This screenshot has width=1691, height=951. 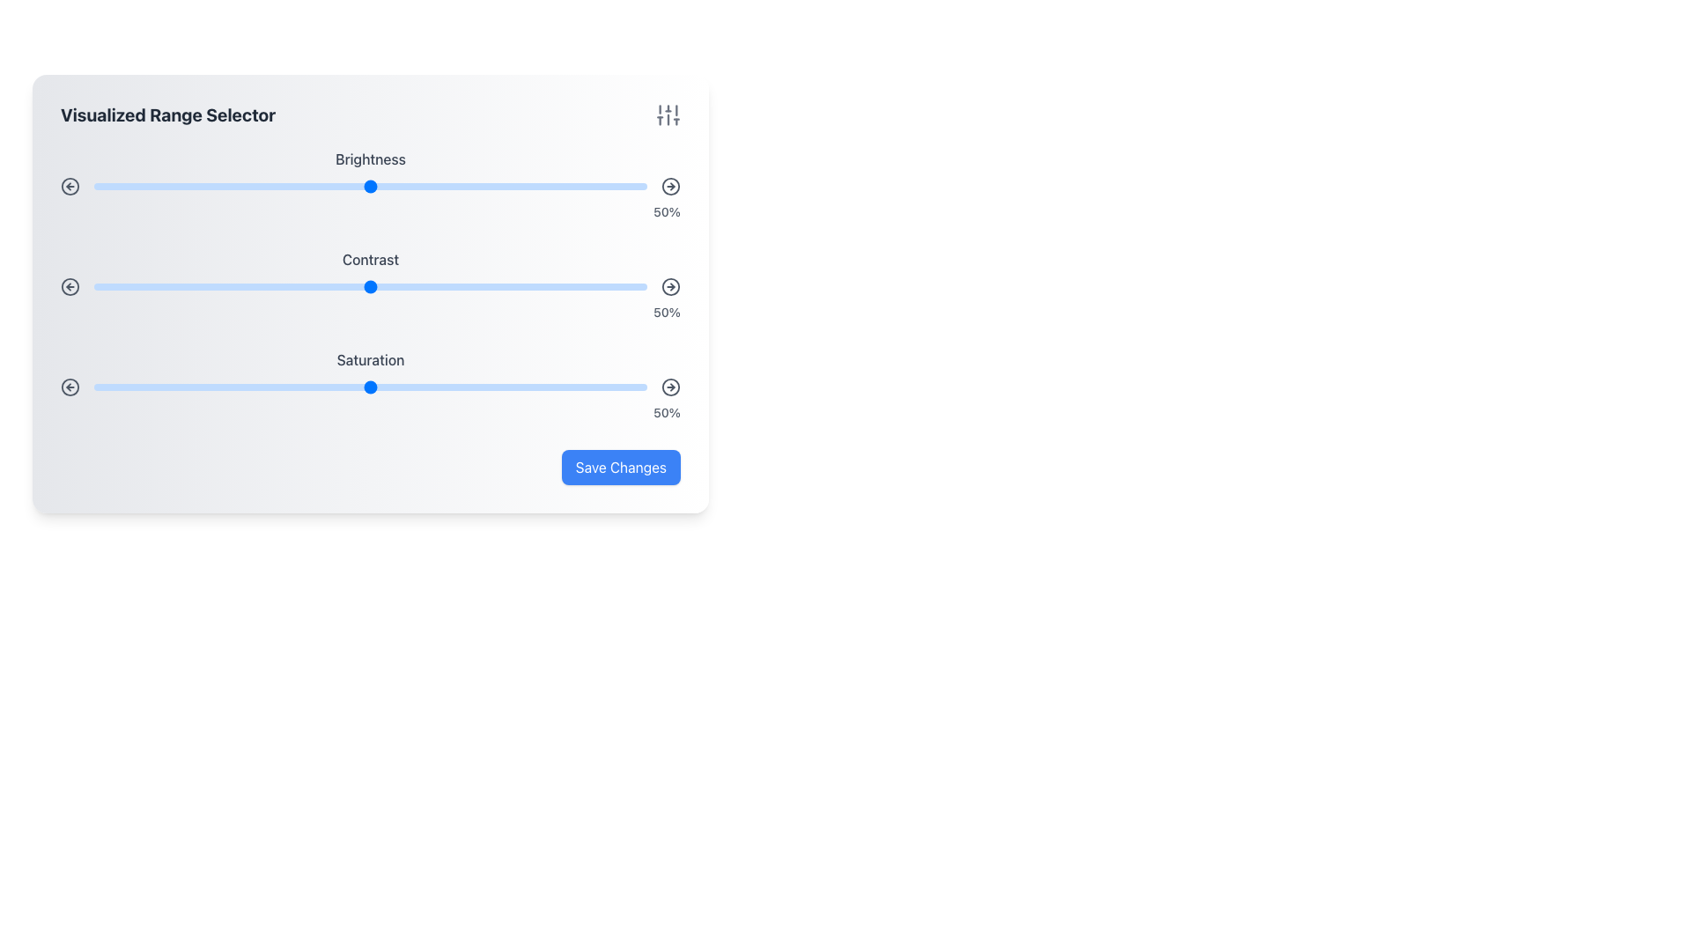 What do you see at coordinates (321, 386) in the screenshot?
I see `the slider value` at bounding box center [321, 386].